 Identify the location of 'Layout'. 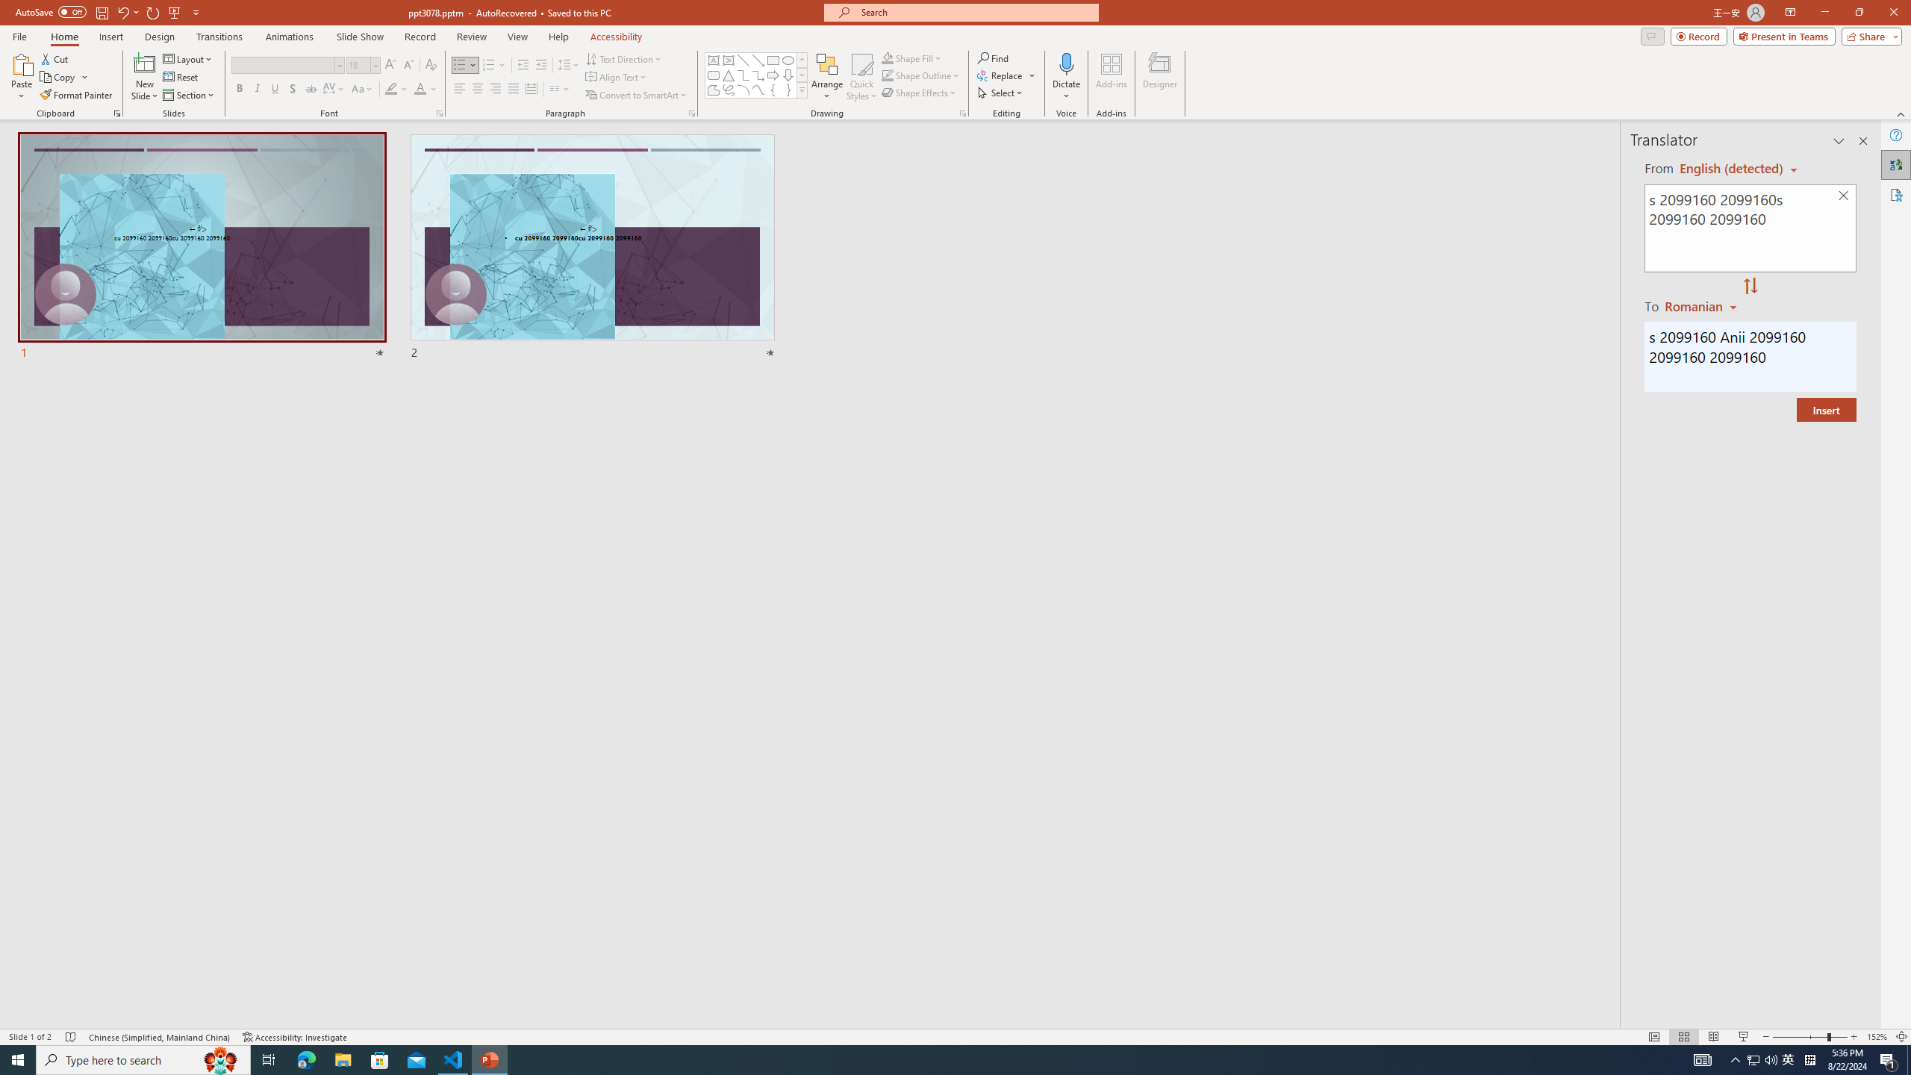
(188, 58).